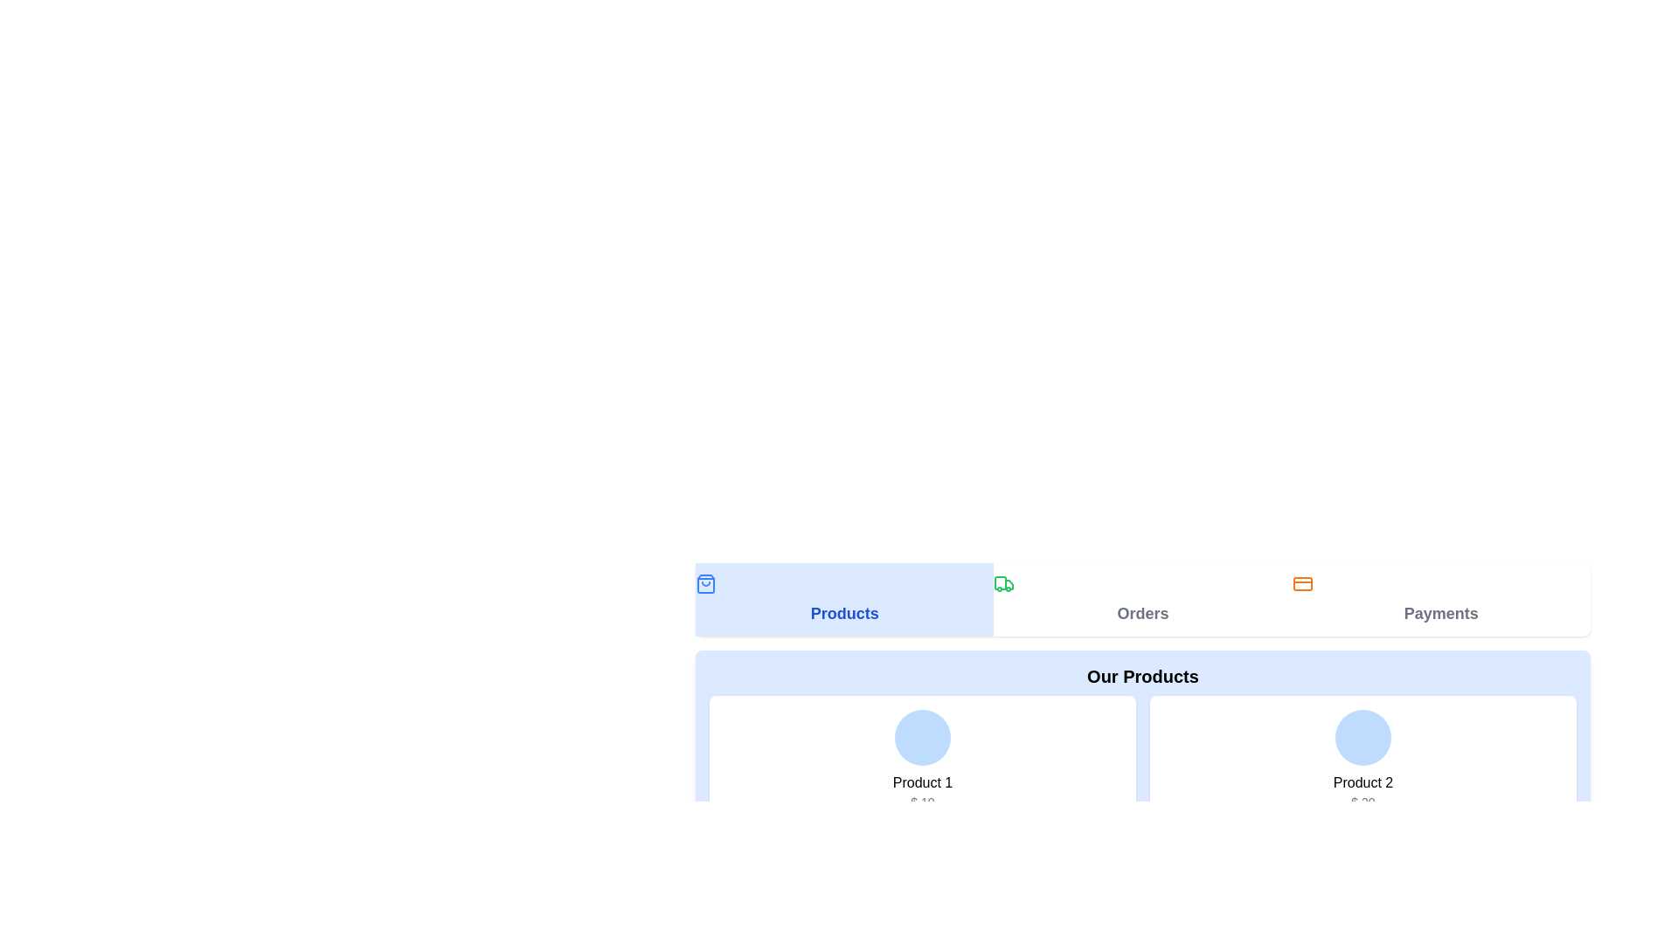  Describe the element at coordinates (1143, 676) in the screenshot. I see `the bold headline text labeled 'Our Products' to read the text` at that location.